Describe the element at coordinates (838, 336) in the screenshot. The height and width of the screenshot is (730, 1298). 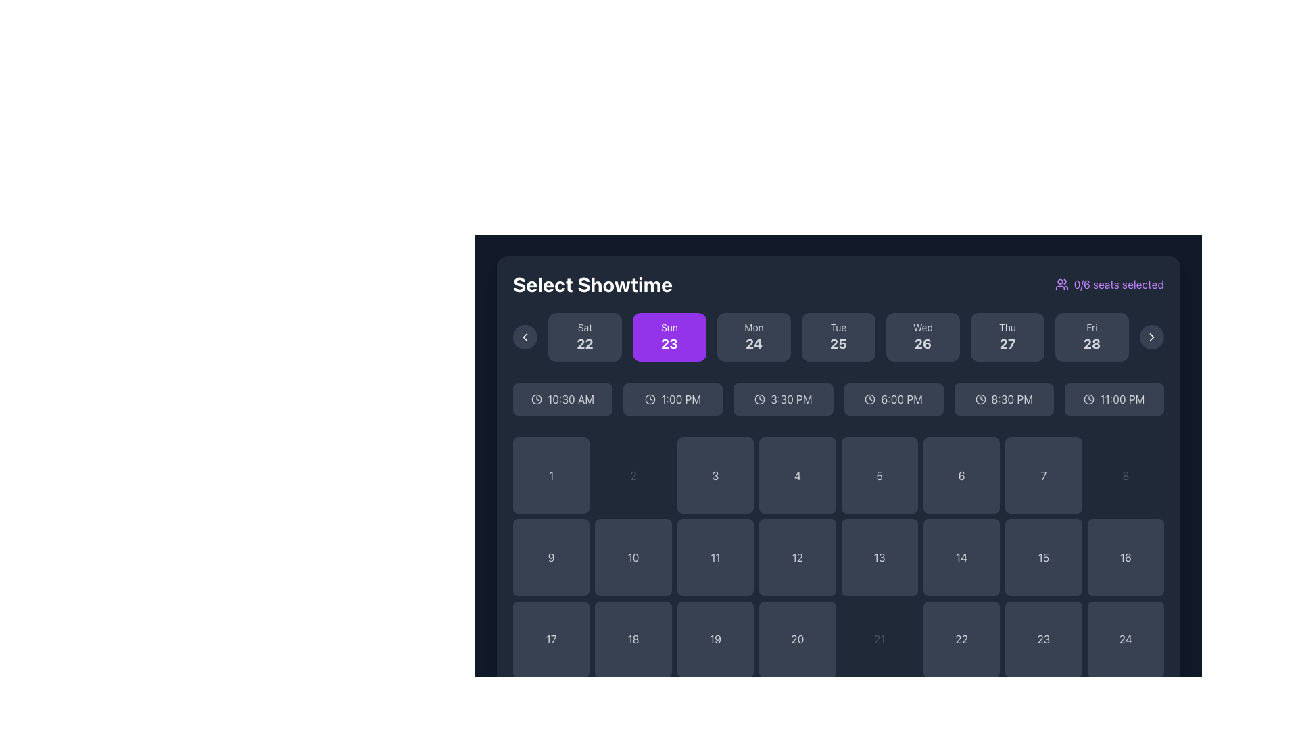
I see `the button` at that location.